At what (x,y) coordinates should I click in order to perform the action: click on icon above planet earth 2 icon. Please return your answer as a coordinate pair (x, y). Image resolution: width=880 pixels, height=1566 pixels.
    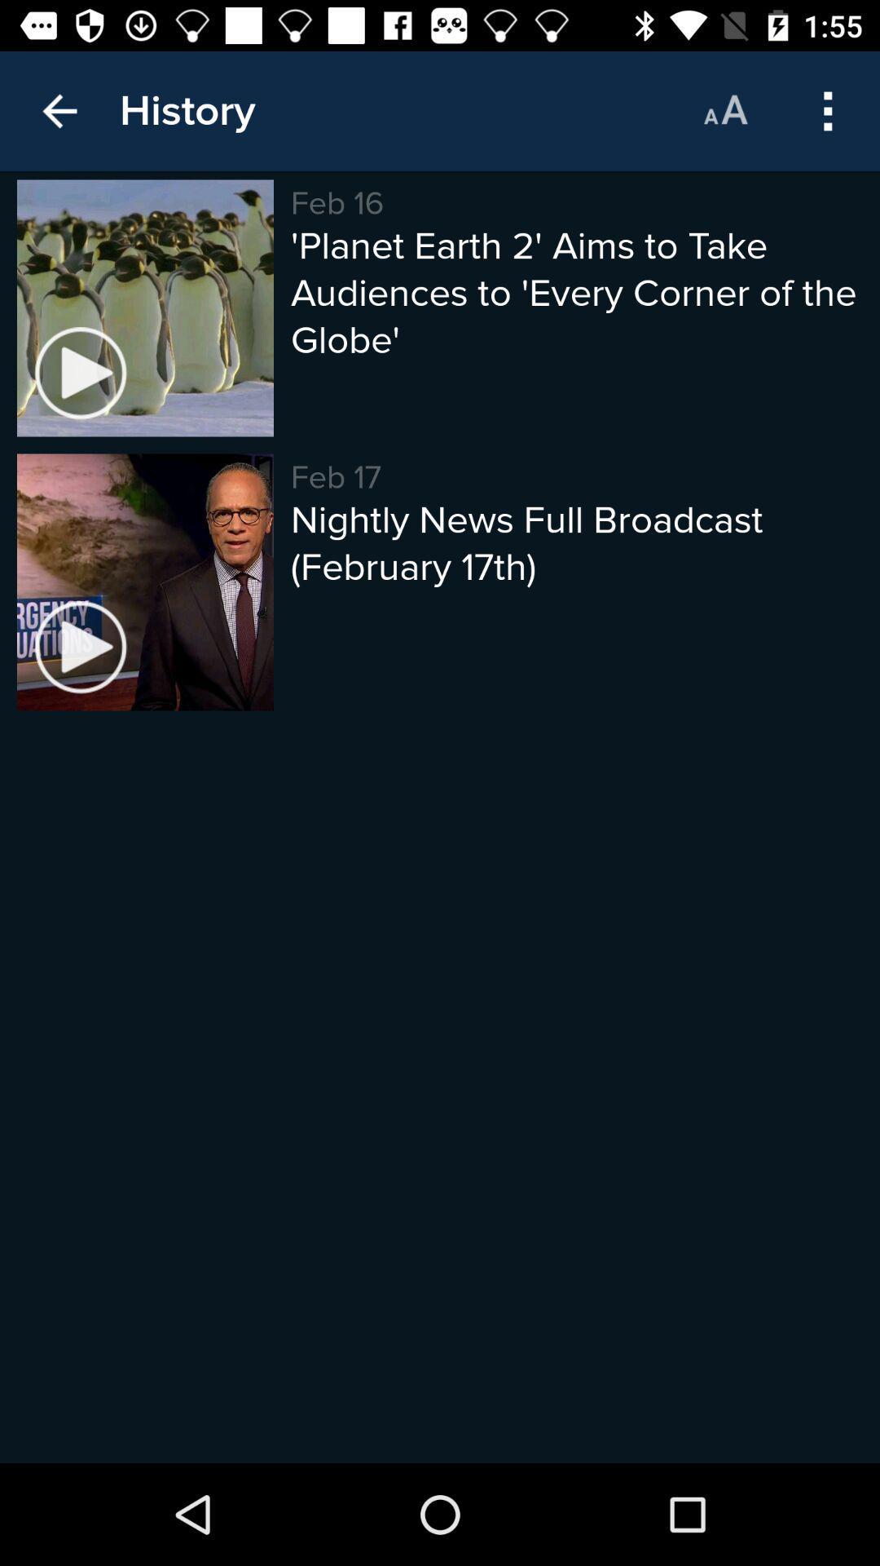
    Looking at the image, I should click on (828, 110).